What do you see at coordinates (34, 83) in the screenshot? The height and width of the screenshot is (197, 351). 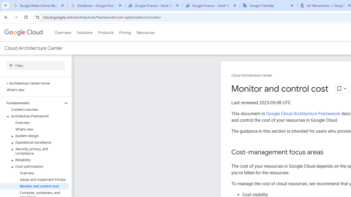 I see `'< Architecture Center home'` at bounding box center [34, 83].